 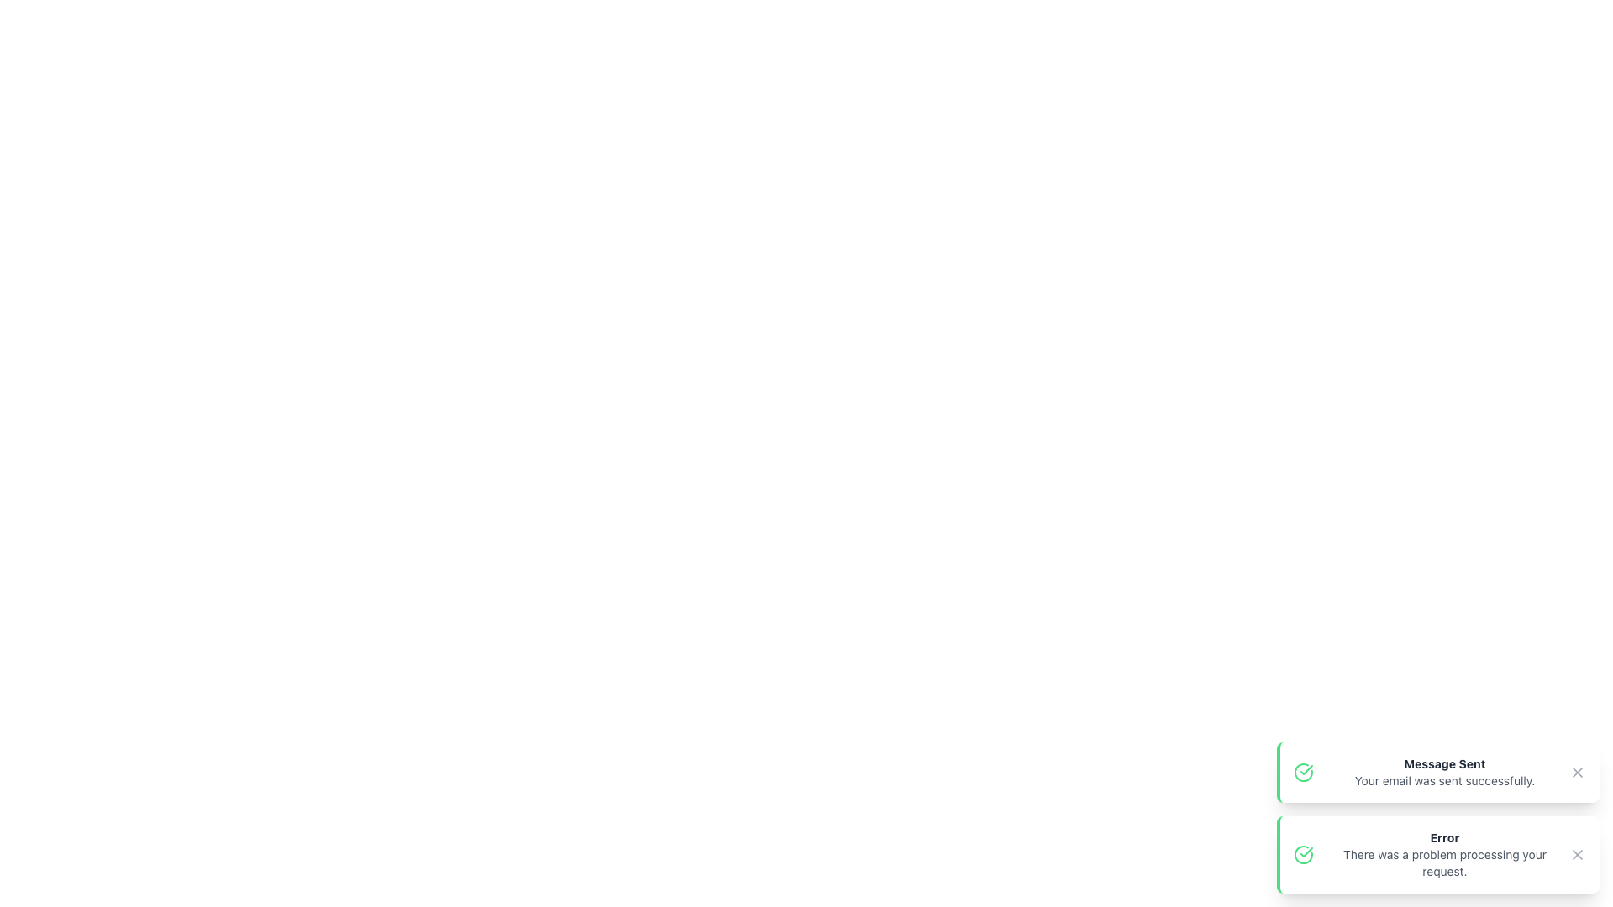 I want to click on the Text Label that indicates an error state or notification, located above the text 'There was a problem processing your request.', so click(x=1443, y=838).